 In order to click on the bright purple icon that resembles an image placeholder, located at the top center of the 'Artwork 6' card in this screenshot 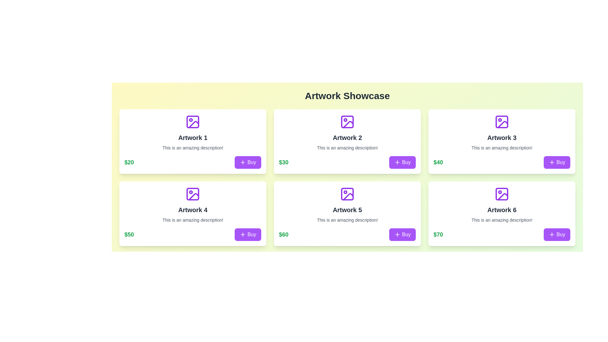, I will do `click(501, 194)`.